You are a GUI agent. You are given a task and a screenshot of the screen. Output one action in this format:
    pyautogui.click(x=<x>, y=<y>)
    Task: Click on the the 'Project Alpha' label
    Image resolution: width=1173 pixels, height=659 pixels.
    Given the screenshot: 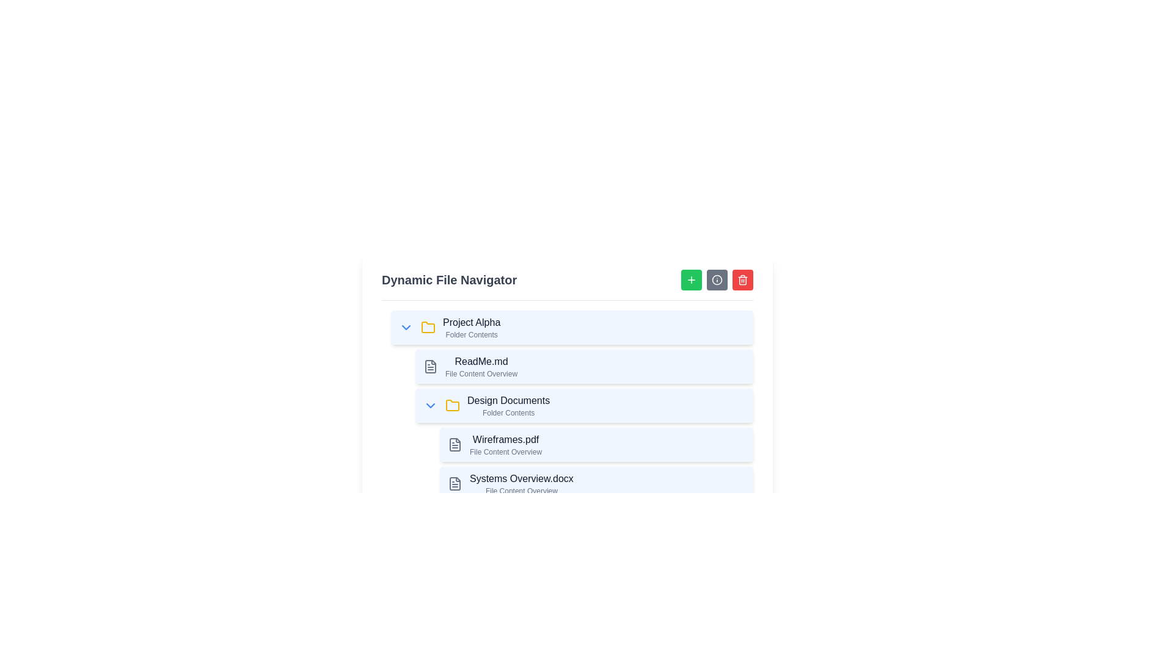 What is the action you would take?
    pyautogui.click(x=471, y=322)
    